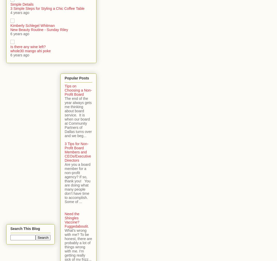  What do you see at coordinates (76, 220) in the screenshot?
I see `'Need the Shingles Vaccine?  Fuggedaboutit.'` at bounding box center [76, 220].